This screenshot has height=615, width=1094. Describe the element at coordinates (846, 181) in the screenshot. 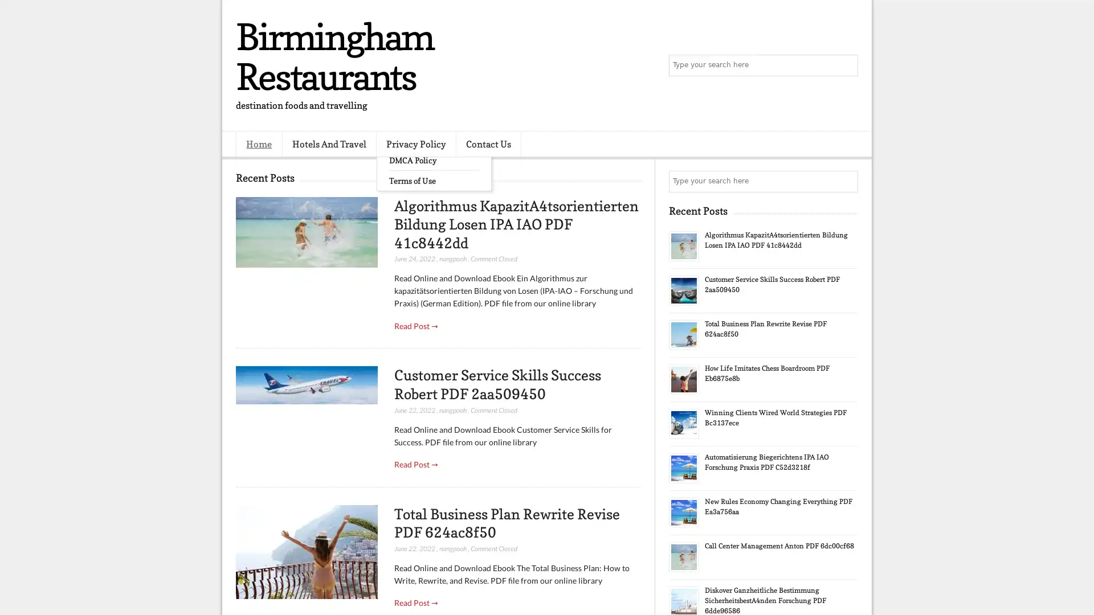

I see `Search` at that location.